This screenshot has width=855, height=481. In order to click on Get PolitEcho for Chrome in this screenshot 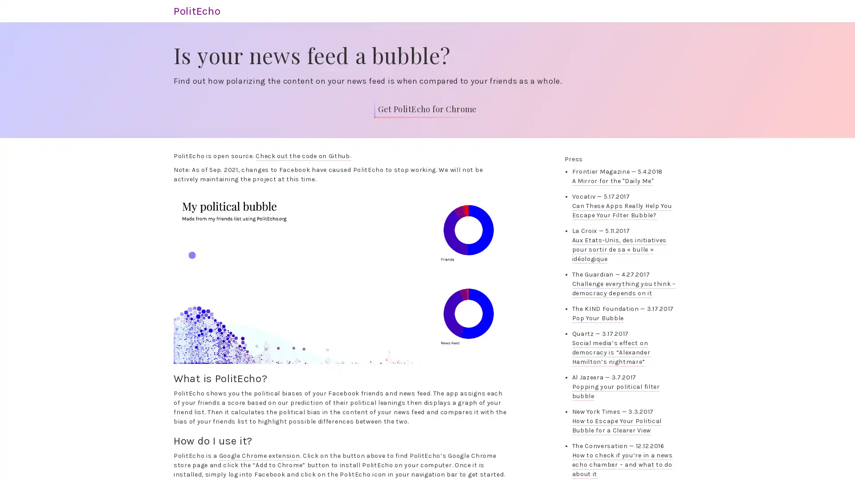, I will do `click(427, 108)`.